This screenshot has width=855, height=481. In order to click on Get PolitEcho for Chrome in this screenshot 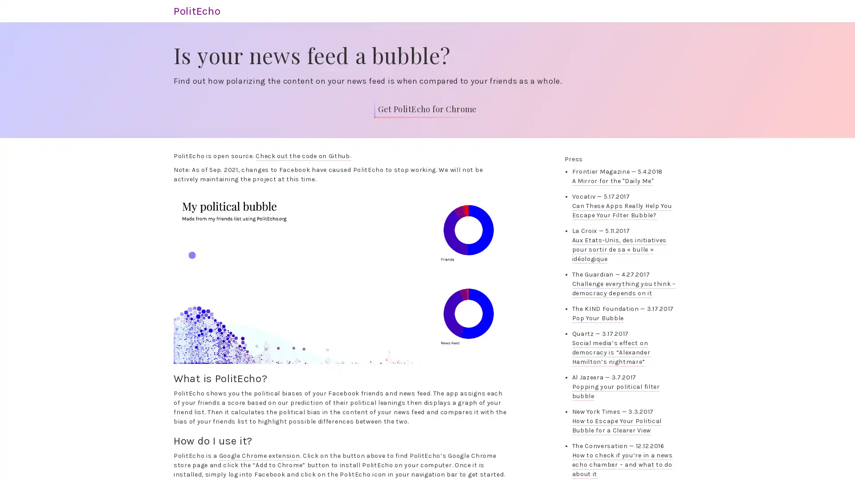, I will do `click(427, 108)`.